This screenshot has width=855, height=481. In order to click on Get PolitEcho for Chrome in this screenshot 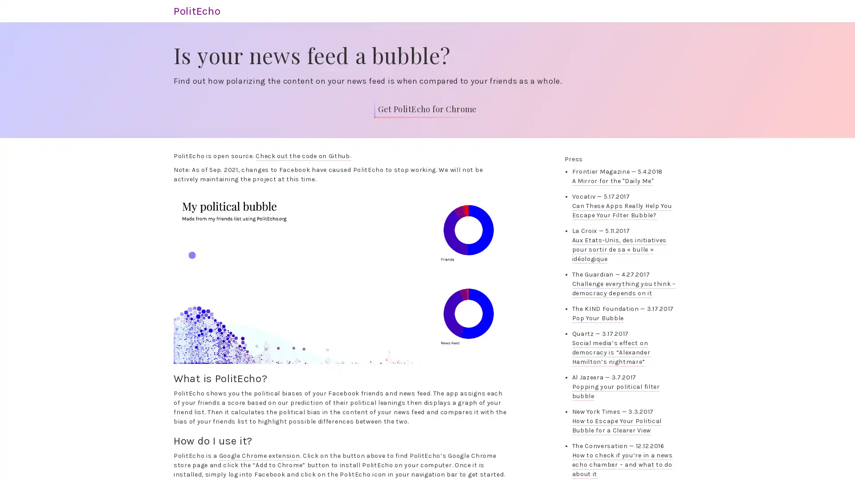, I will do `click(427, 108)`.